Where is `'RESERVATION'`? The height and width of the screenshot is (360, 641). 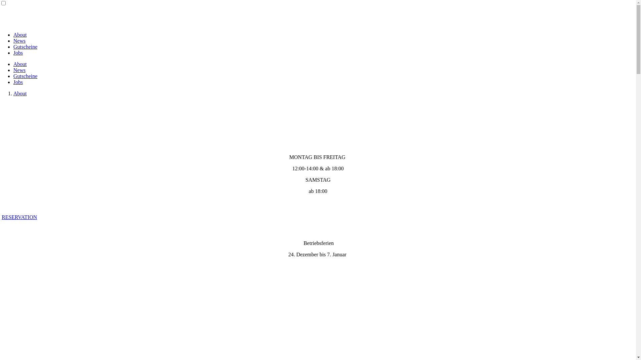 'RESERVATION' is located at coordinates (19, 217).